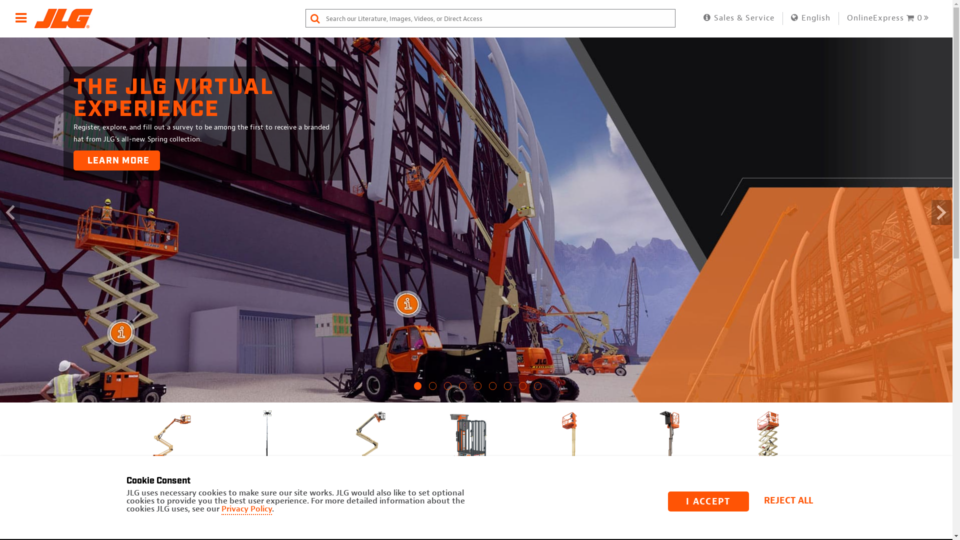  I want to click on 'Trailers', so click(868, 444).